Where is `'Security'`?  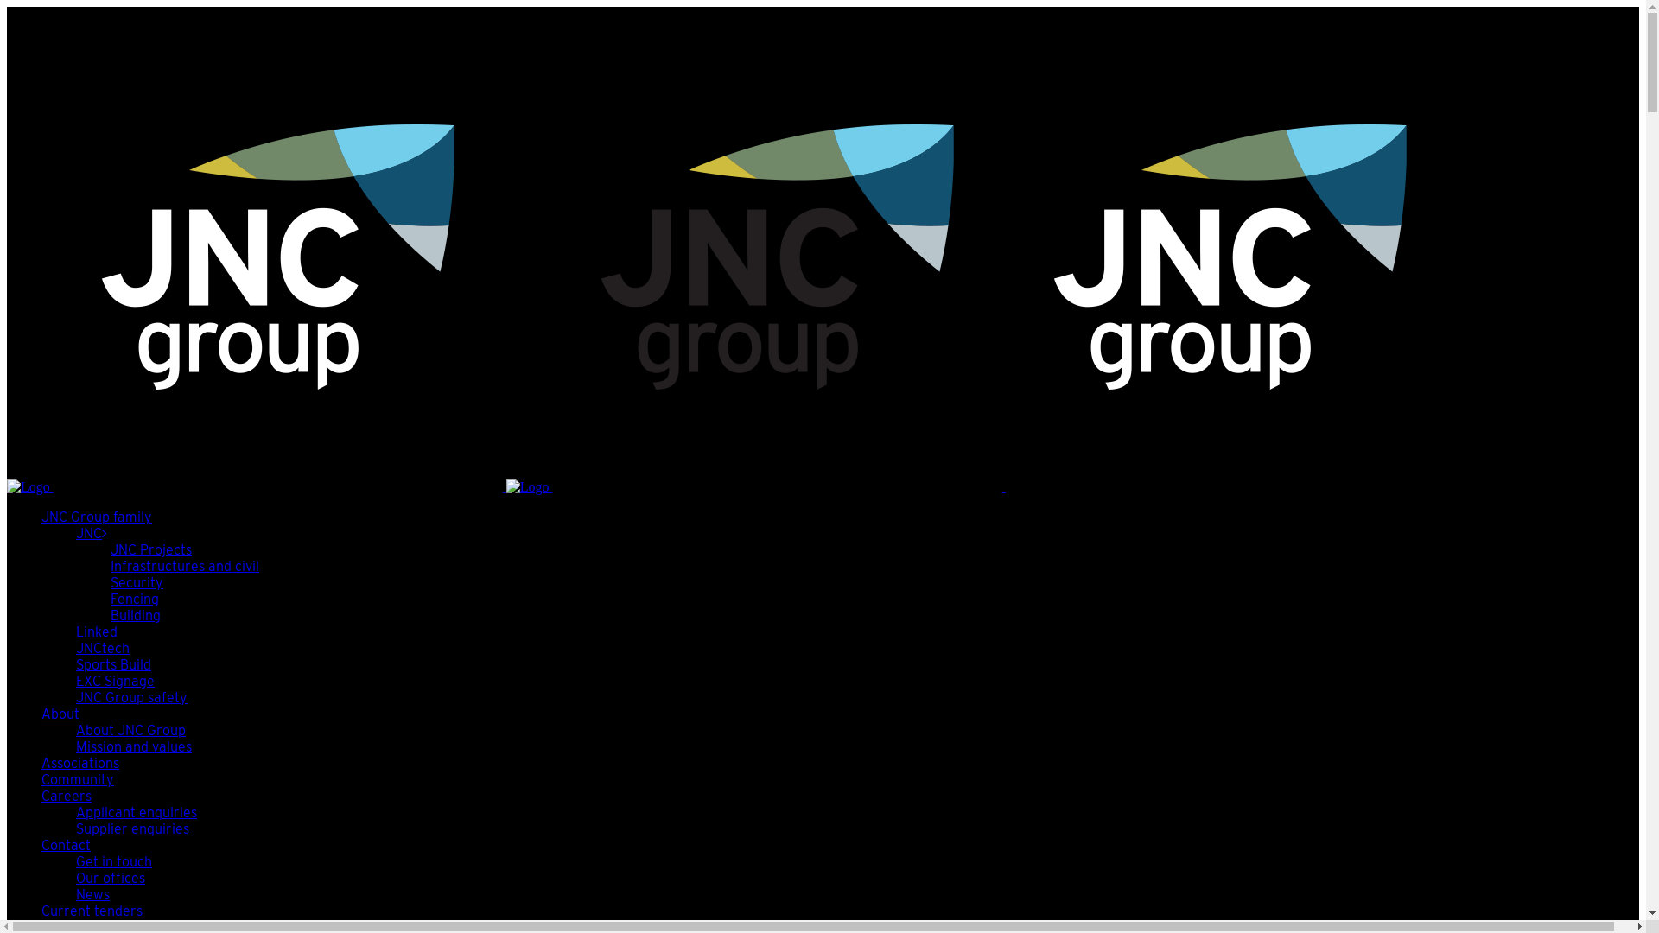 'Security' is located at coordinates (110, 582).